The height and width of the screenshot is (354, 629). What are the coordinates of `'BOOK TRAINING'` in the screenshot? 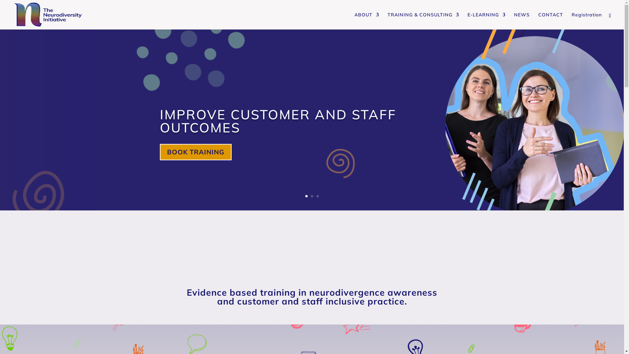 It's located at (195, 151).